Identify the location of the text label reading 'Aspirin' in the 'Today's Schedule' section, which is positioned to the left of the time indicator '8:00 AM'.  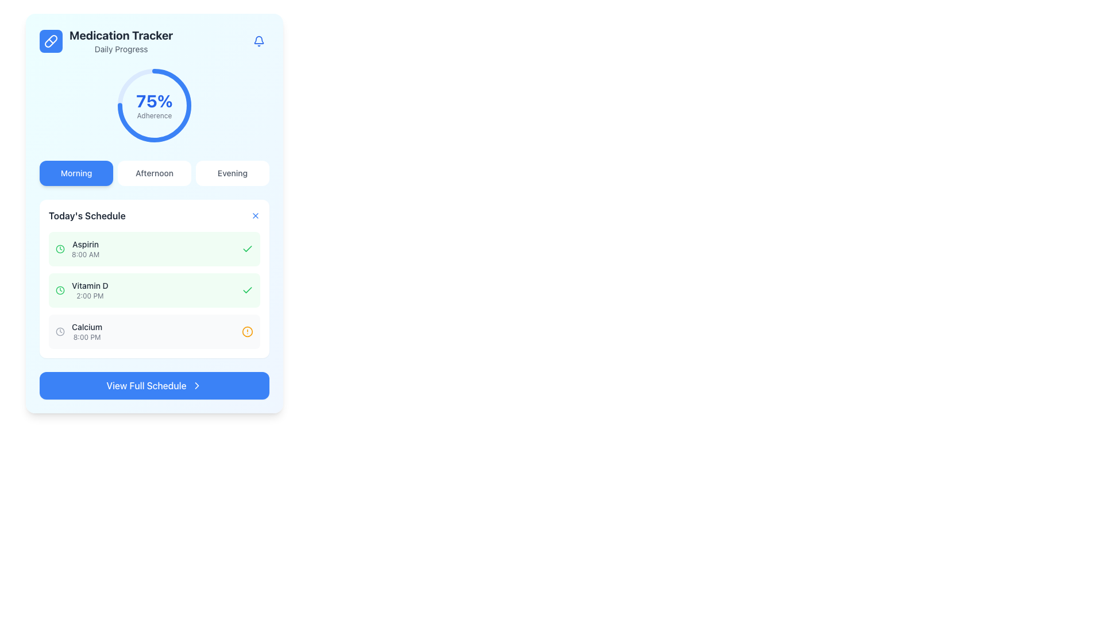
(85, 243).